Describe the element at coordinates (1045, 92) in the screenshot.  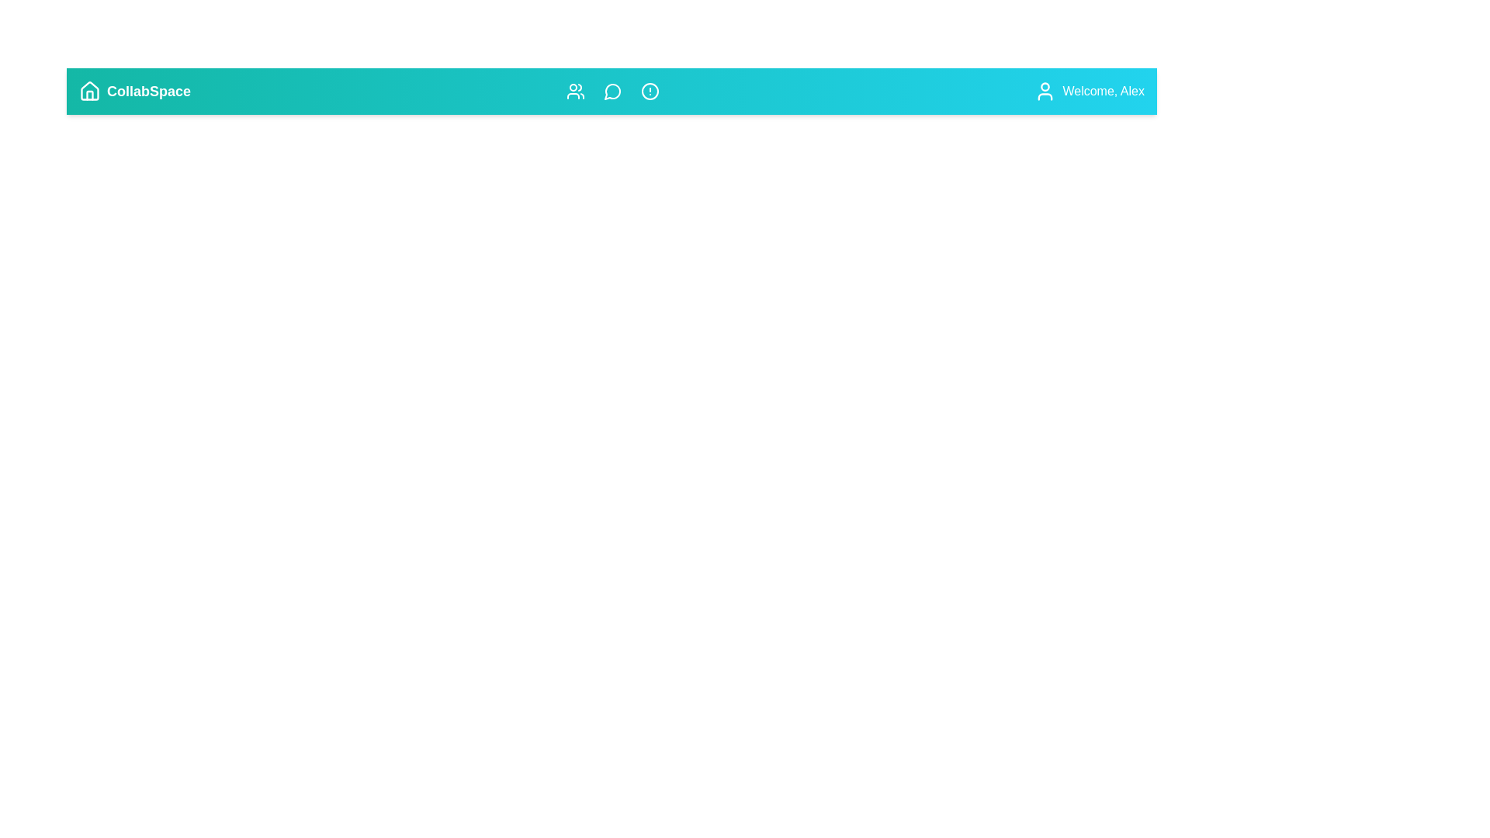
I see `the profile icon to access user settings or profile information` at that location.